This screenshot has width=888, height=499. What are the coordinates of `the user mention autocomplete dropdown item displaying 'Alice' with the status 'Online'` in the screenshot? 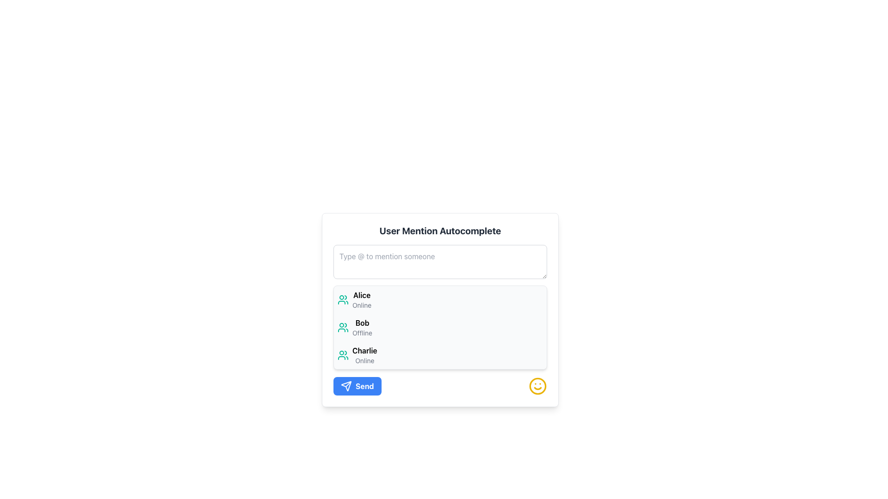 It's located at (361, 299).